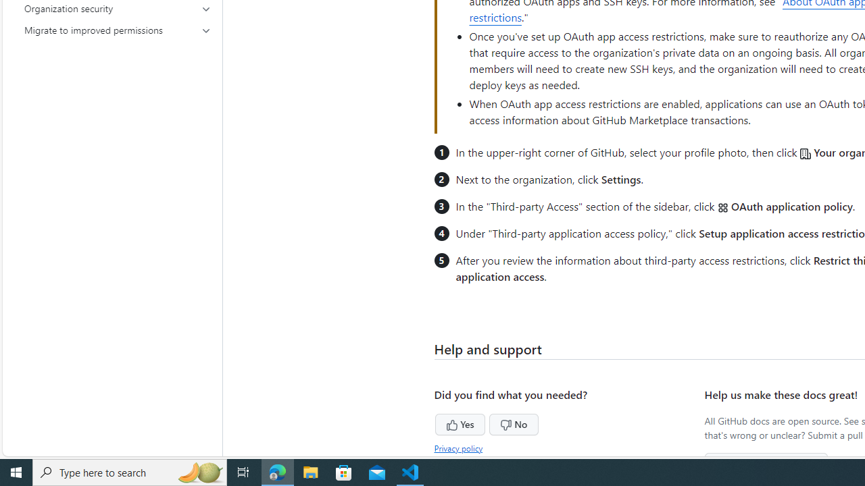 This screenshot has width=865, height=486. Describe the element at coordinates (459, 448) in the screenshot. I see `'Privacy policy'` at that location.